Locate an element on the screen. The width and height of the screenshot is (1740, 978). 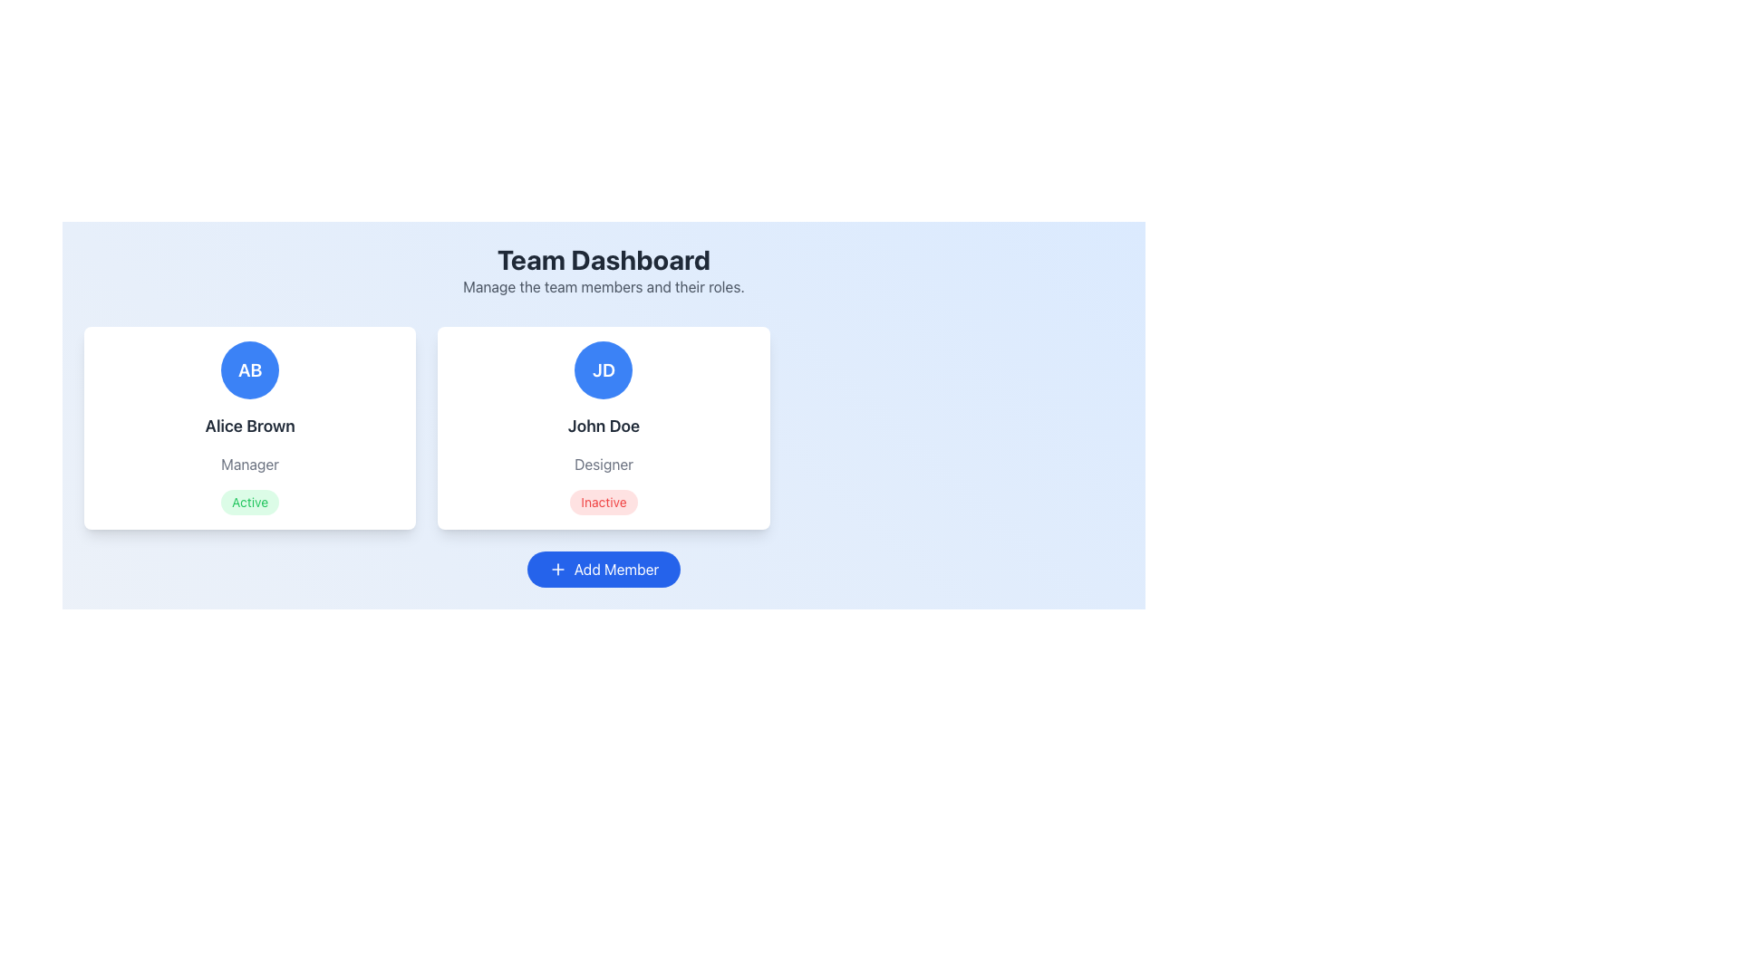
the 'Active' status indicator label, which is a small, rounded rectangular badge with light green background and darker green text, located within a team member's profile card below the 'Manager' designation is located at coordinates (249, 503).